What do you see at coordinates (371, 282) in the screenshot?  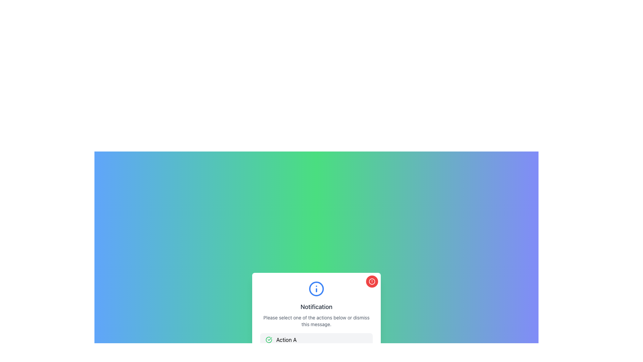 I see `properties of the SVG Circle element located in the top-right portion of the notification panel, which is part of a circular alert icon` at bounding box center [371, 282].